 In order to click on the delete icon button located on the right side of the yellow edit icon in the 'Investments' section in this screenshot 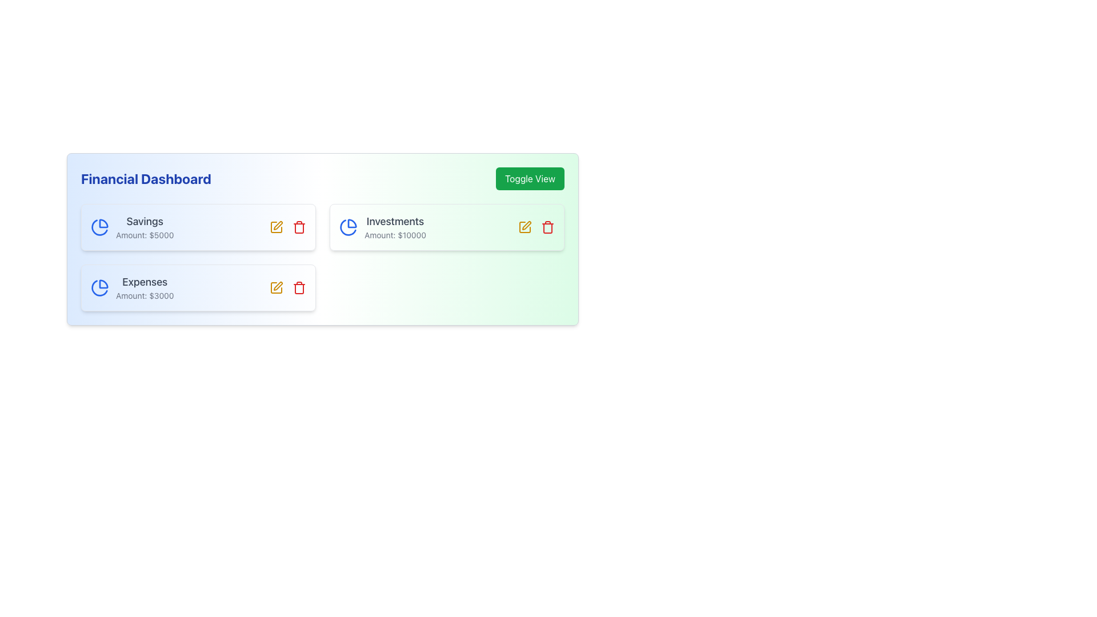, I will do `click(547, 227)`.